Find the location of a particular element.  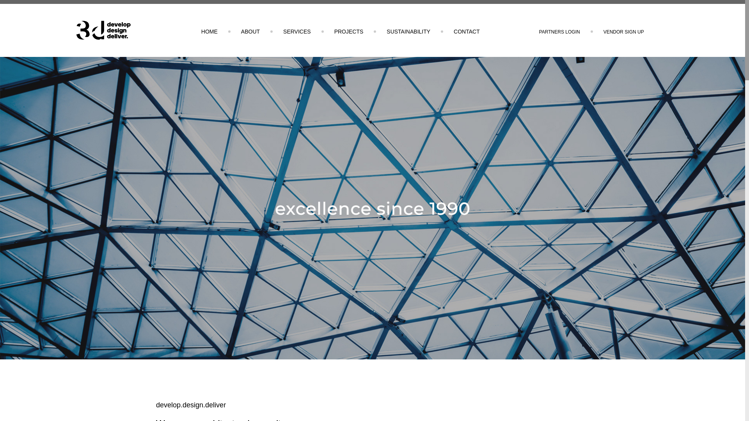

'PROJECTS' is located at coordinates (348, 31).